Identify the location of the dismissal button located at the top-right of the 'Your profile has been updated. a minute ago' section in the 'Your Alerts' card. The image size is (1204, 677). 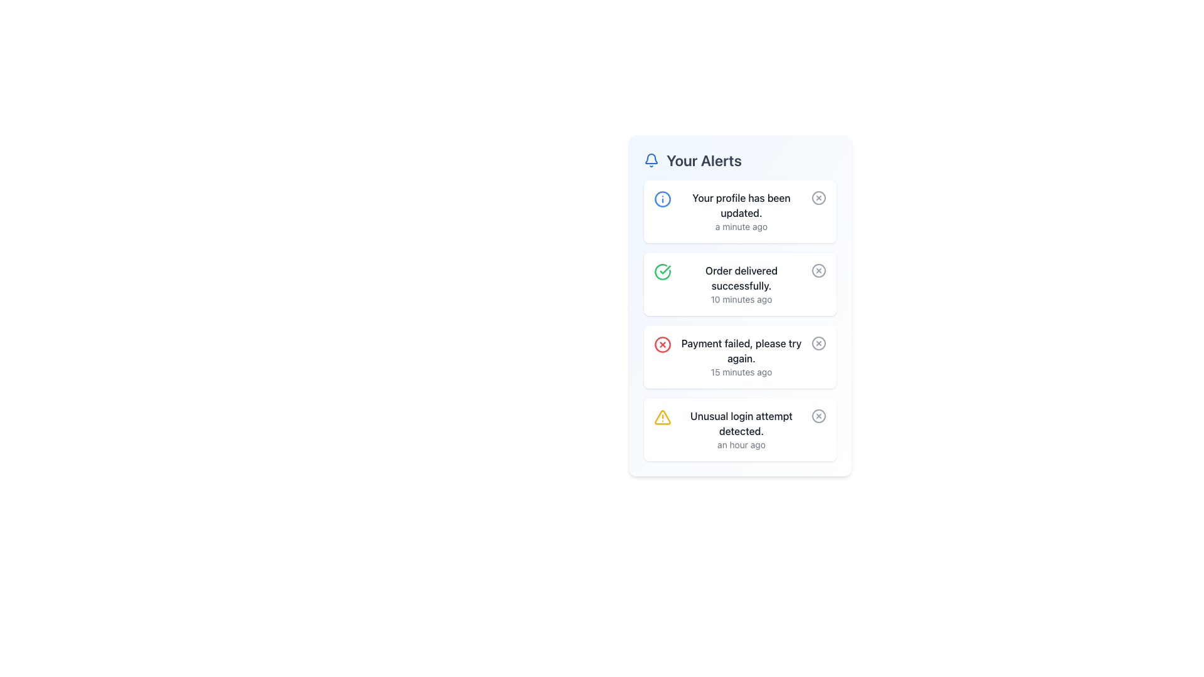
(818, 197).